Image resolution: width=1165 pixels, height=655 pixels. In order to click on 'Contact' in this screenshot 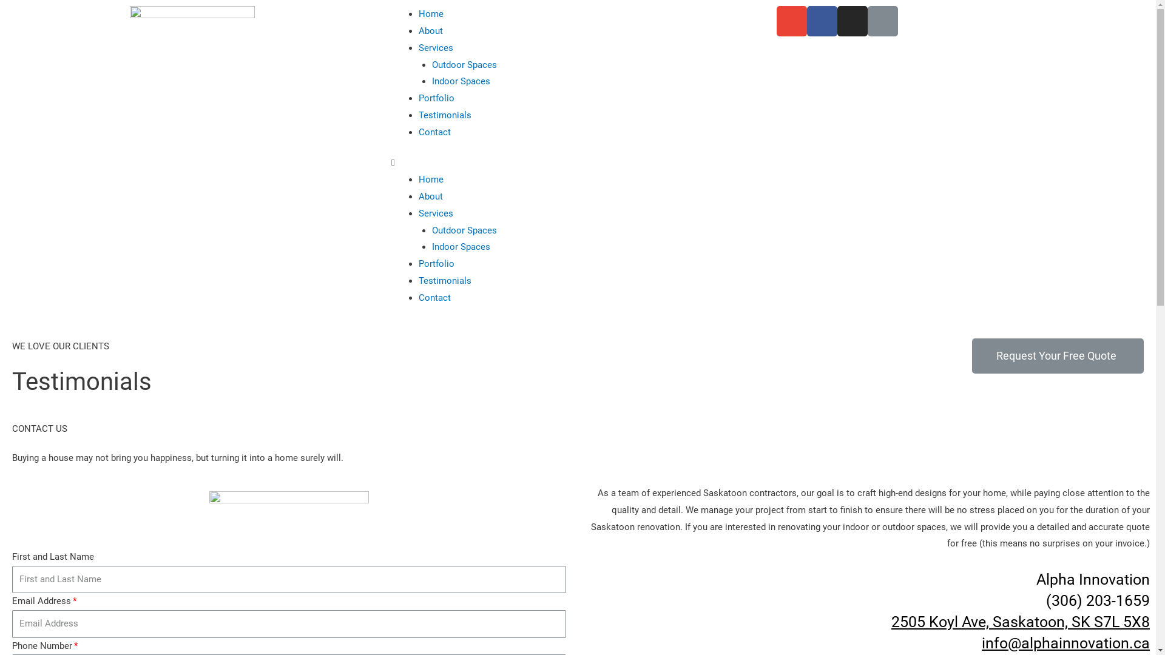, I will do `click(434, 132)`.